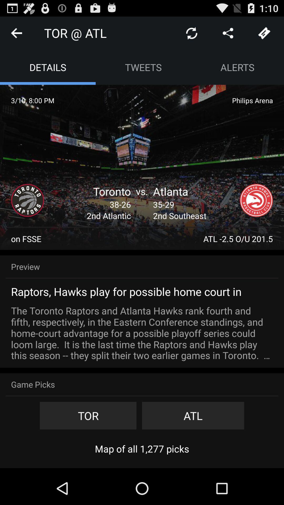  What do you see at coordinates (264, 33) in the screenshot?
I see `tickets` at bounding box center [264, 33].